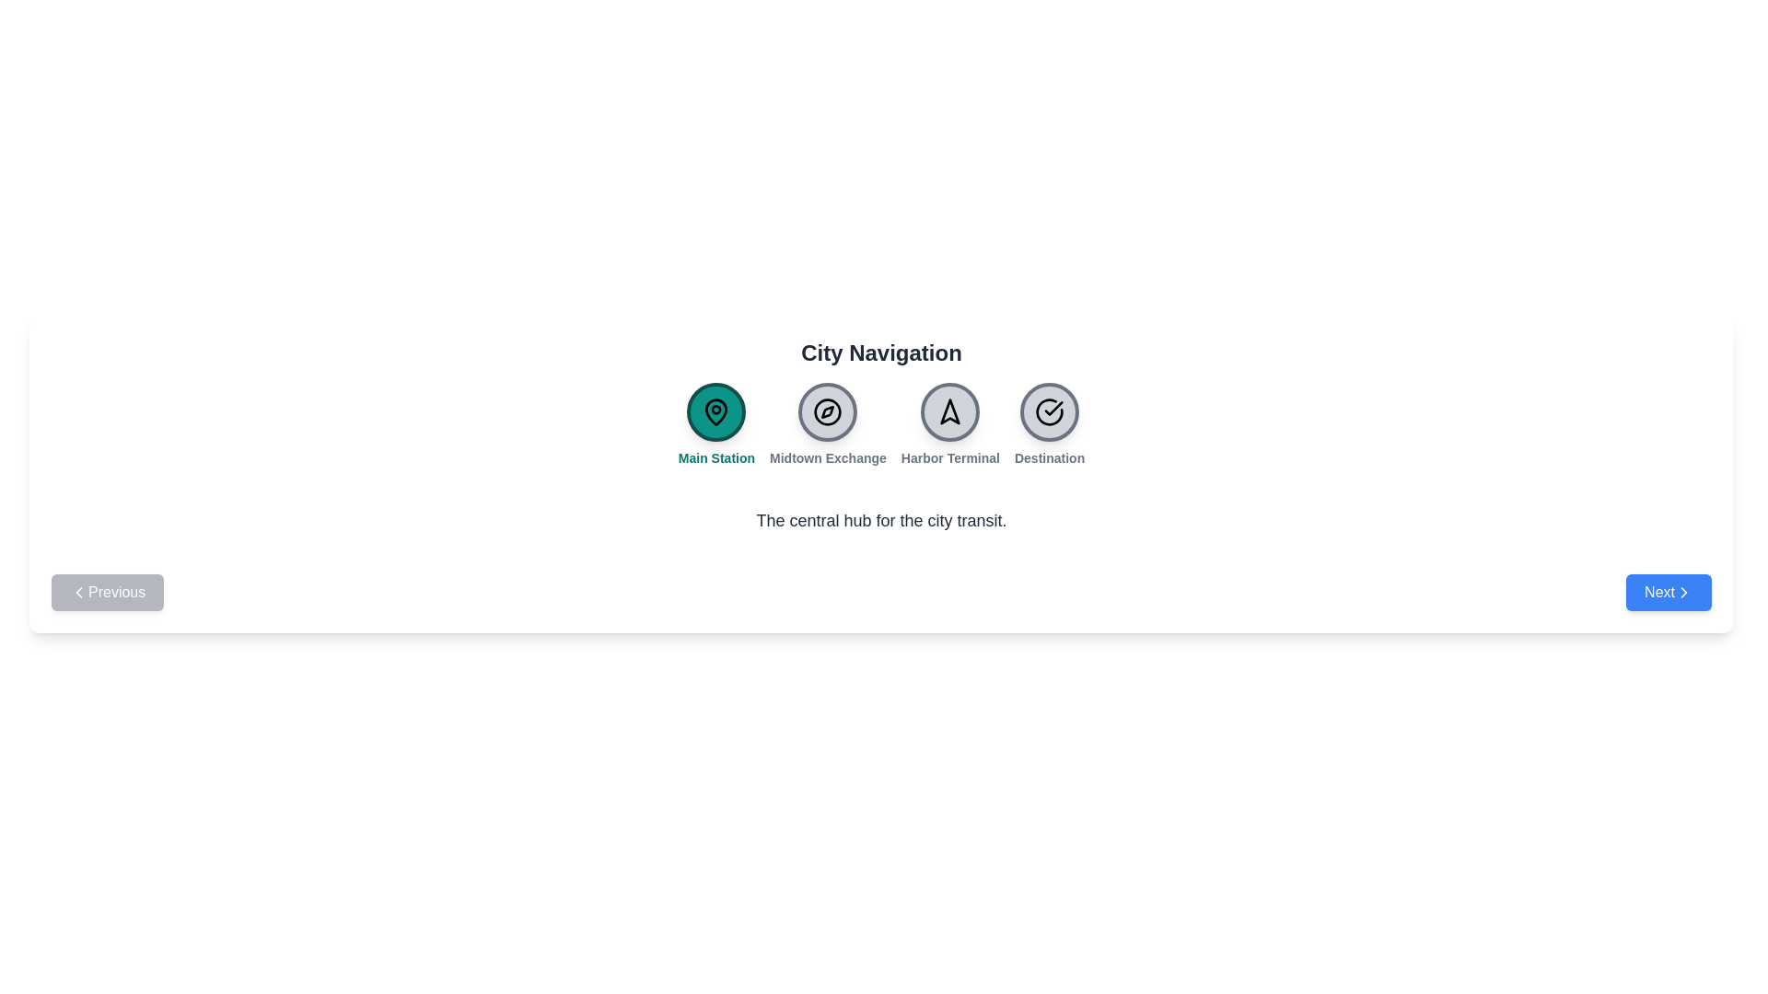 The width and height of the screenshot is (1768, 994). What do you see at coordinates (107, 593) in the screenshot?
I see `the Previous button to navigate` at bounding box center [107, 593].